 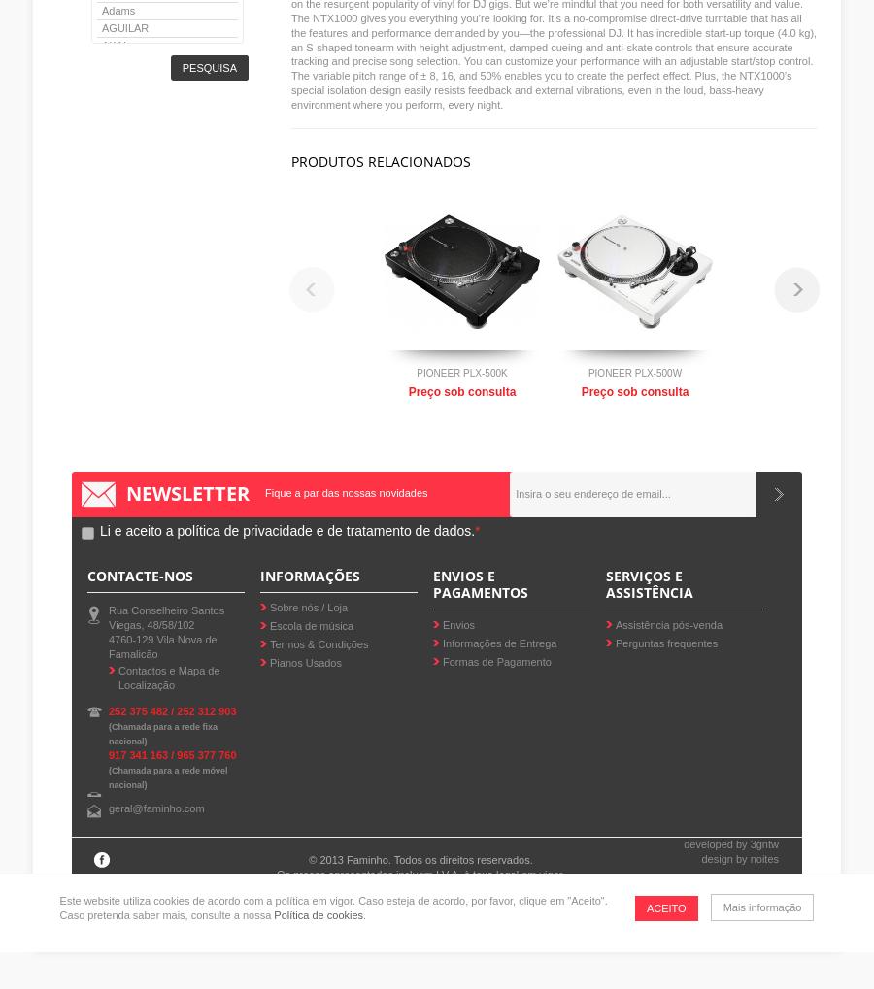 I want to click on 'Pianos Usados', so click(x=305, y=661).